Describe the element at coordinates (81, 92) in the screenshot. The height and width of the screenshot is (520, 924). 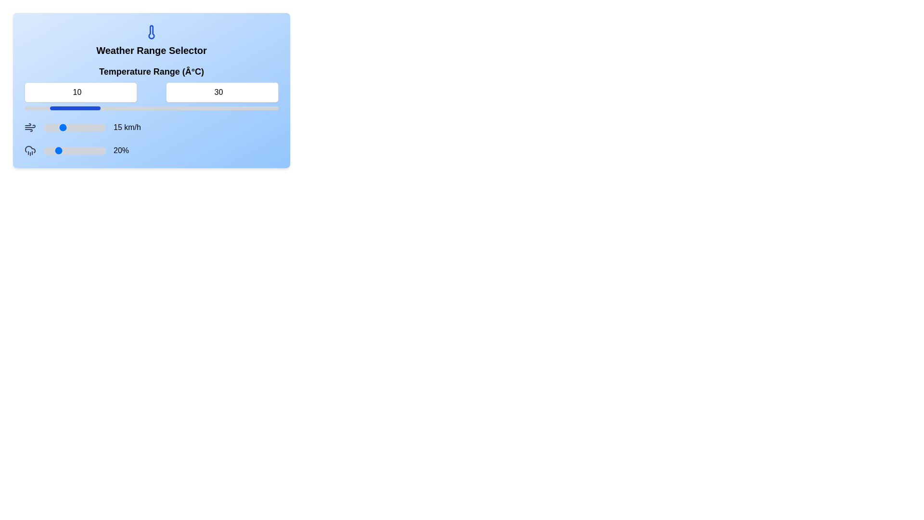
I see `the numeric input box displaying '10', located within the 'Weather Range Selector' interface under the 'Temperature Range (°C)' subheader` at that location.